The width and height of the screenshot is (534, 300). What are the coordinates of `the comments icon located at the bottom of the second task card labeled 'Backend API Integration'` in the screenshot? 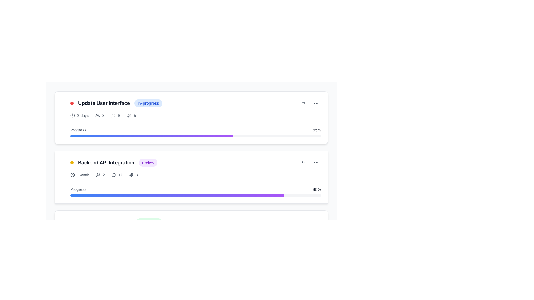 It's located at (113, 174).